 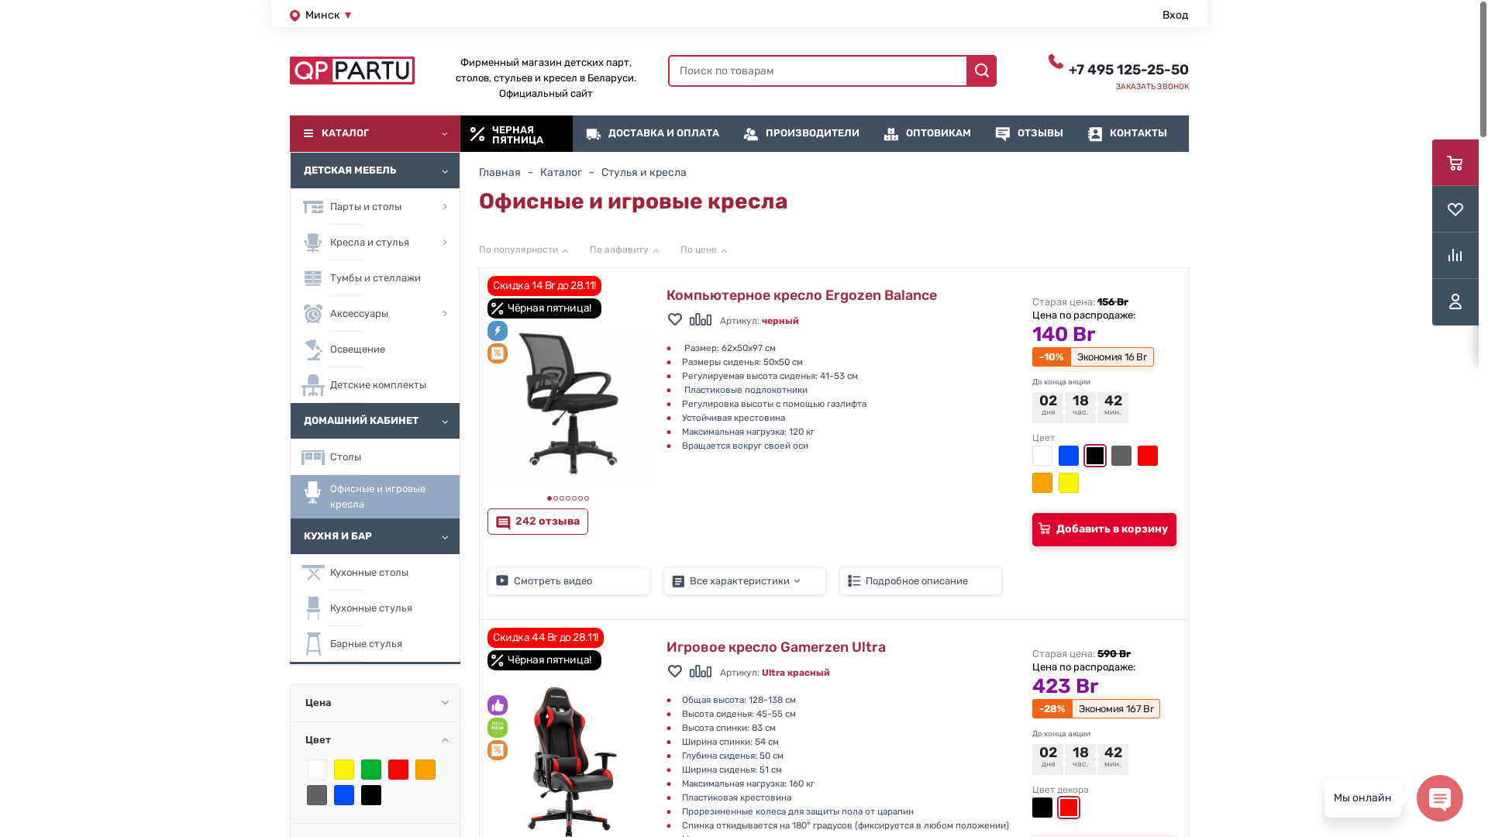 What do you see at coordinates (351, 71) in the screenshot?
I see `'qp-partu.ru'` at bounding box center [351, 71].